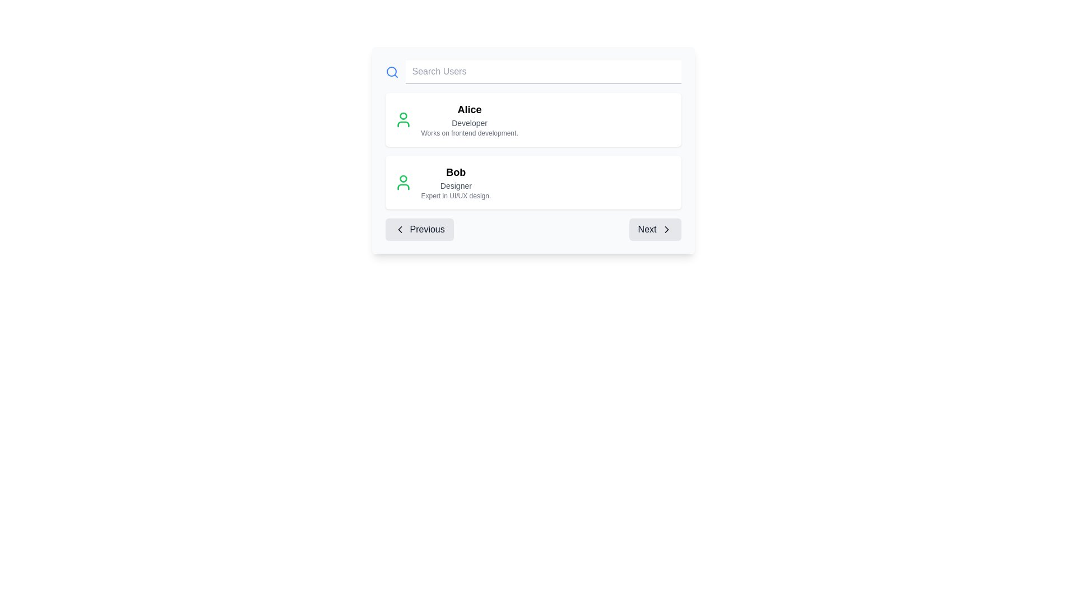 The image size is (1076, 605). Describe the element at coordinates (403, 187) in the screenshot. I see `the lower portion of the user avatar icon representing a person, located to the left of the name 'Bob' in the second user entry of the list` at that location.